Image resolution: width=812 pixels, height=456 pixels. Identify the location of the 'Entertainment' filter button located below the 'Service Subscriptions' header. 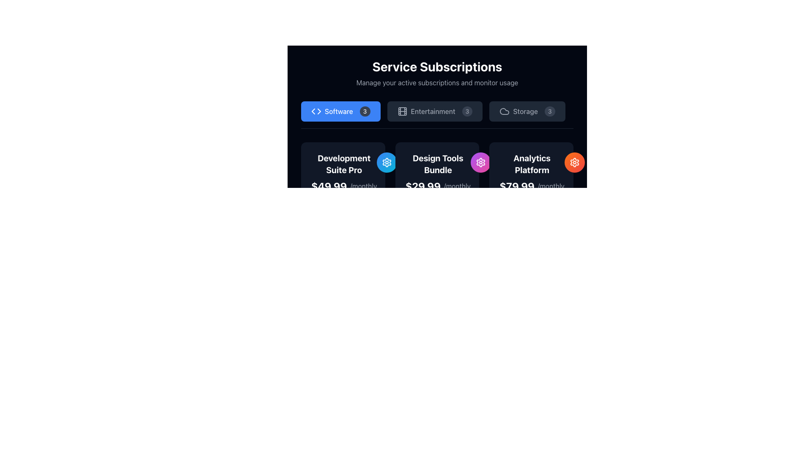
(437, 115).